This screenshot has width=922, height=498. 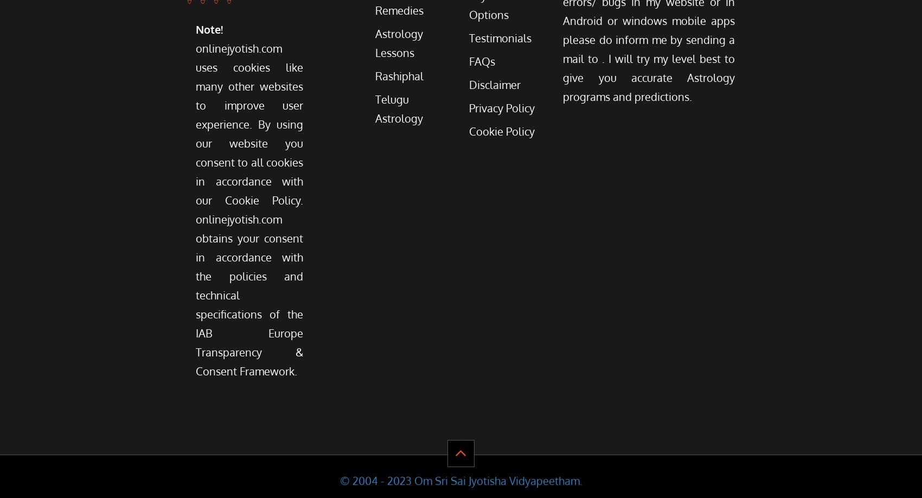 What do you see at coordinates (209, 29) in the screenshot?
I see `'Note!'` at bounding box center [209, 29].